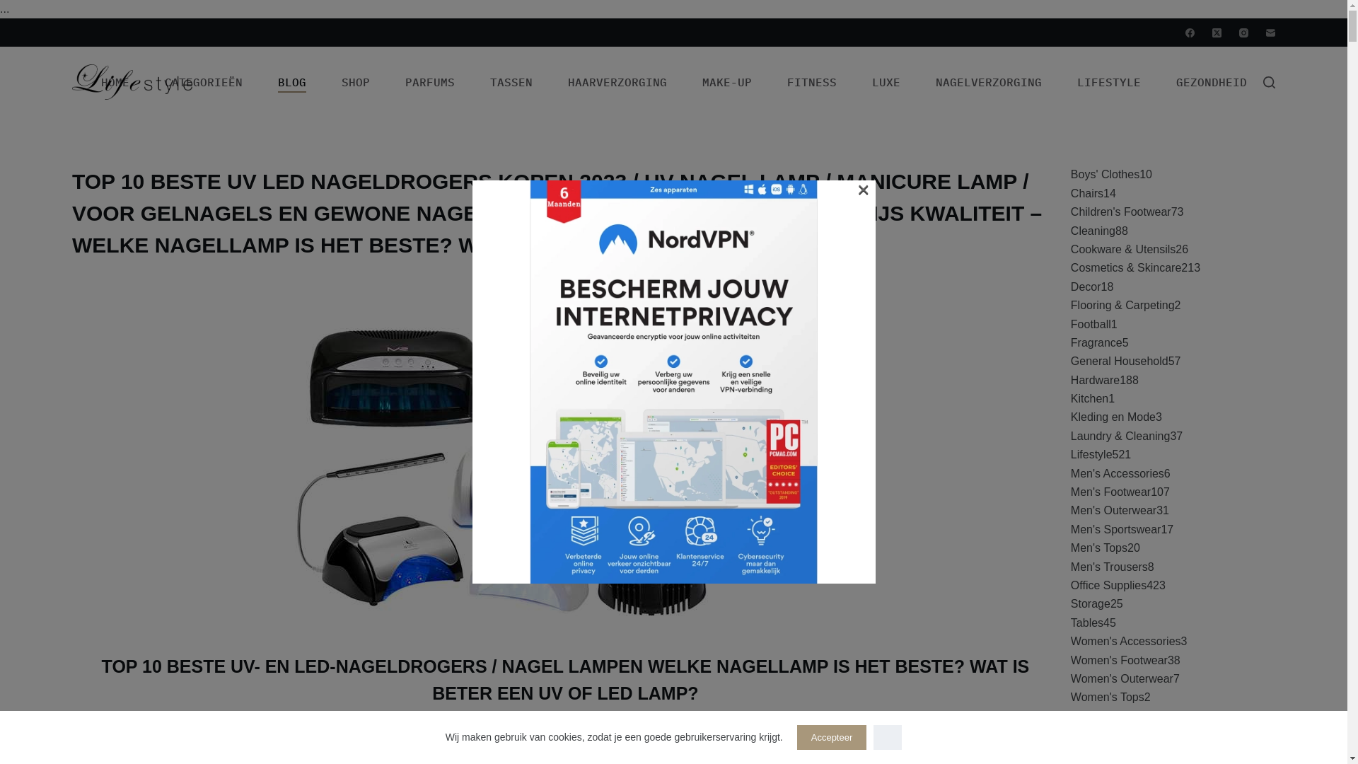 The image size is (1358, 764). Describe the element at coordinates (1089, 603) in the screenshot. I see `'Storage'` at that location.